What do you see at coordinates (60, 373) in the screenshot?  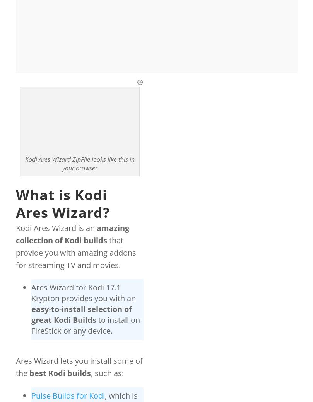 I see `'best Kodi builds'` at bounding box center [60, 373].